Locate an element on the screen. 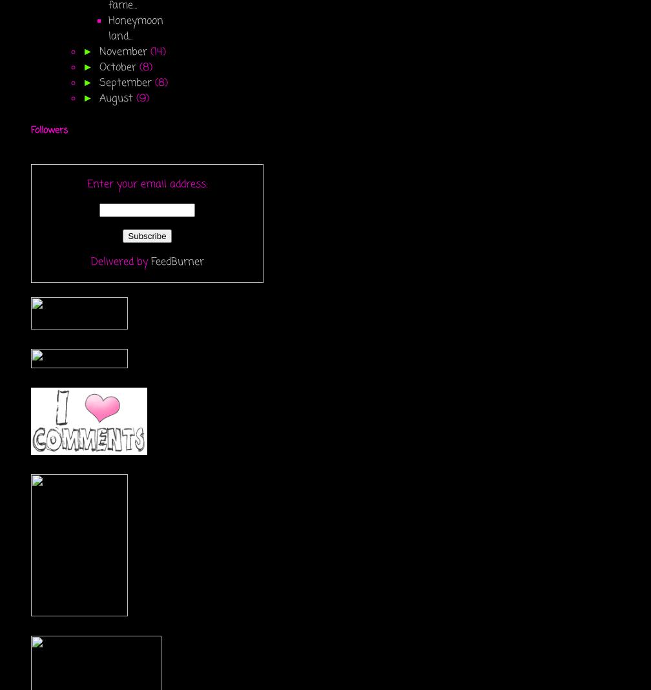  'Followers' is located at coordinates (49, 131).